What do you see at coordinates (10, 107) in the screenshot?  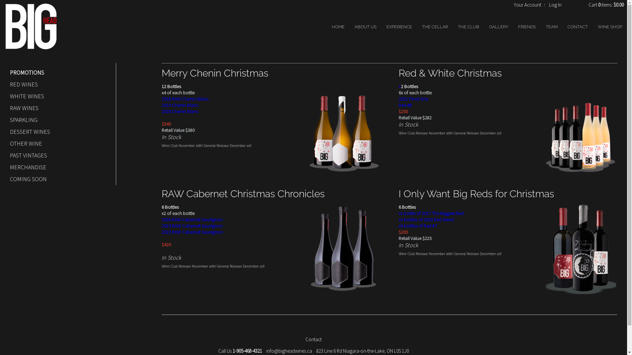 I see `'RAW WINES'` at bounding box center [10, 107].